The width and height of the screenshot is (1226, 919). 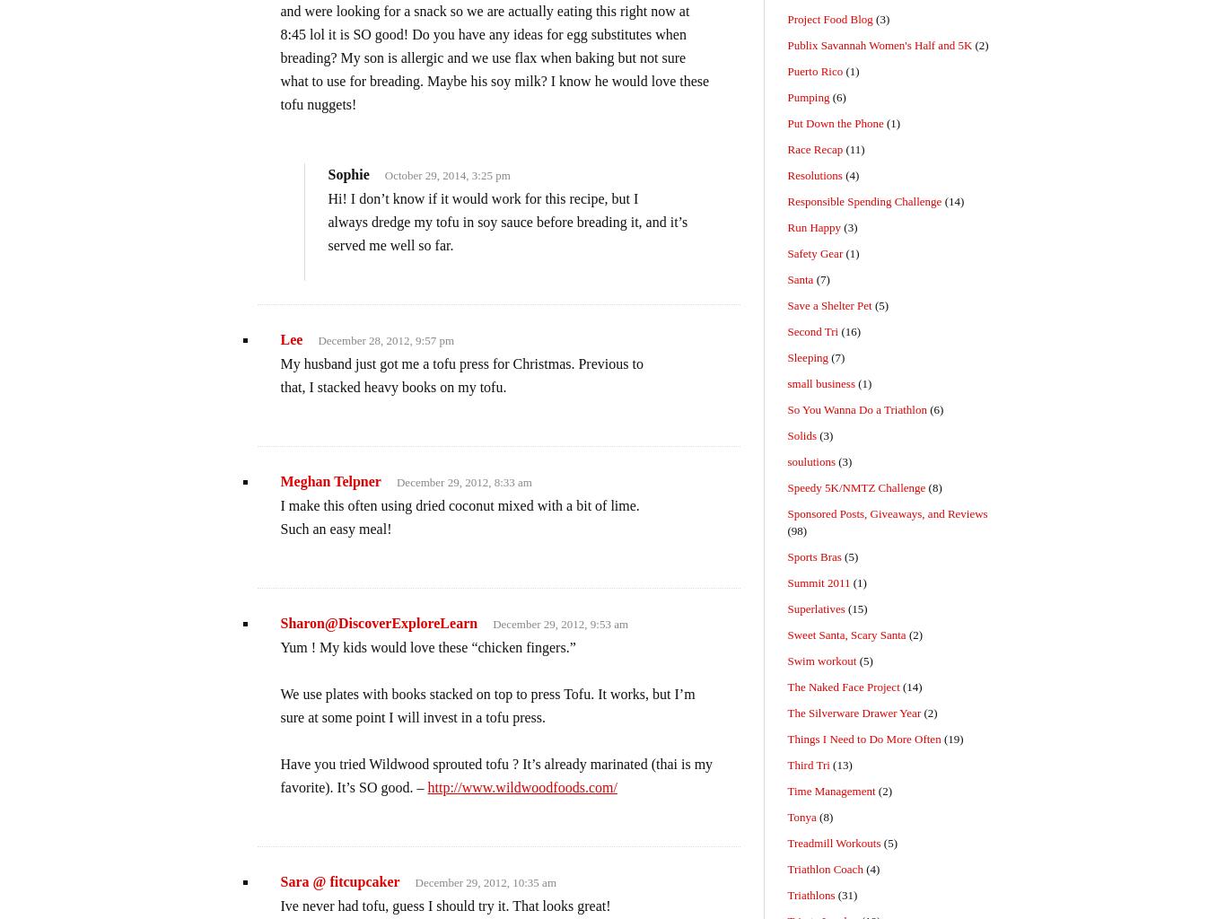 What do you see at coordinates (831, 791) in the screenshot?
I see `'Time Management'` at bounding box center [831, 791].